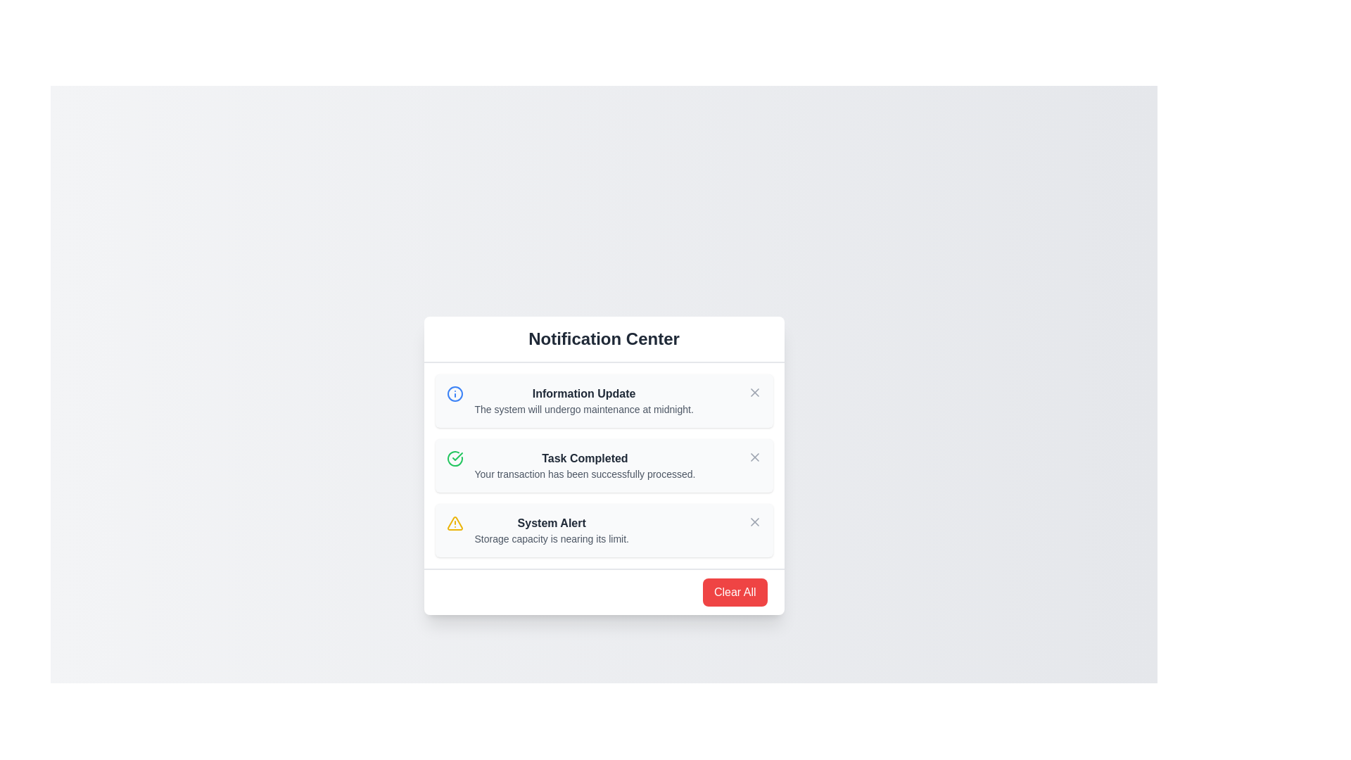 This screenshot has width=1351, height=760. What do you see at coordinates (584, 393) in the screenshot?
I see `text from the 'Information Update' label, which is a bold dark gray textual label located at the upper part of the notification card within the 'Notification Center'` at bounding box center [584, 393].